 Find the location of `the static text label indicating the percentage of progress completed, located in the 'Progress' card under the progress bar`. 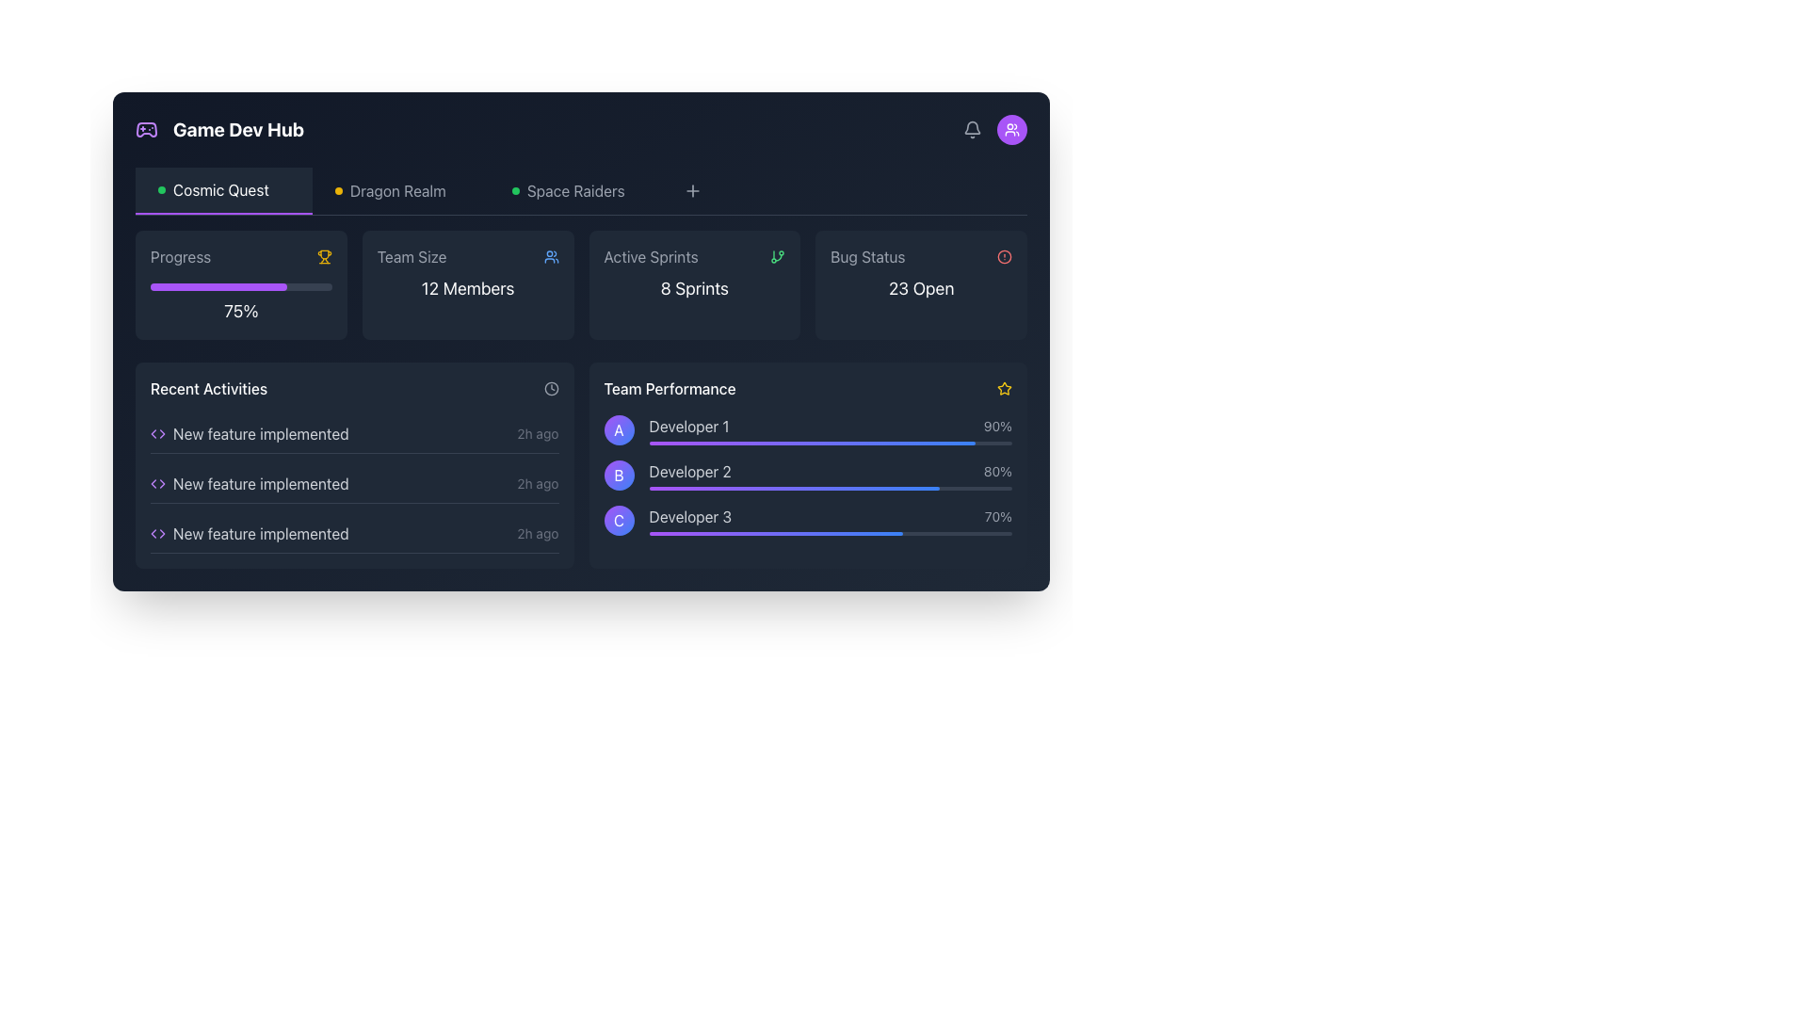

the static text label indicating the percentage of progress completed, located in the 'Progress' card under the progress bar is located at coordinates (240, 311).